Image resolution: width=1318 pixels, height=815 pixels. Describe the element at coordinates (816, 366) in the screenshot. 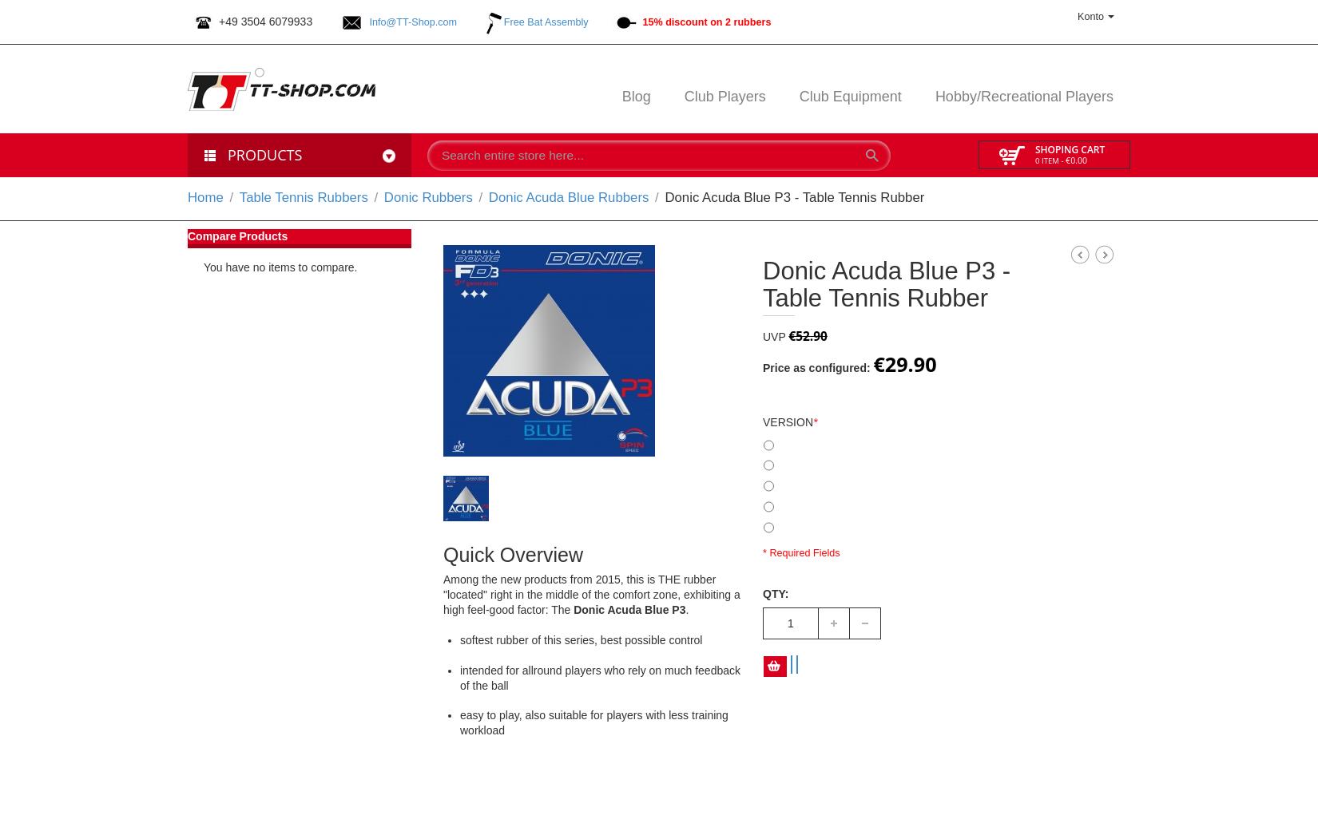

I see `'Price as configured:'` at that location.